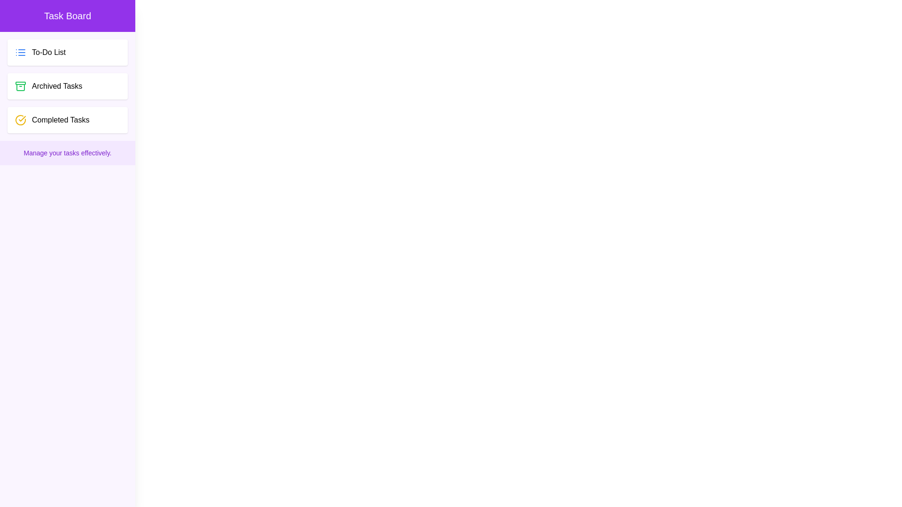 This screenshot has width=902, height=507. I want to click on the 'To-Do List' item to view its contents, so click(67, 52).